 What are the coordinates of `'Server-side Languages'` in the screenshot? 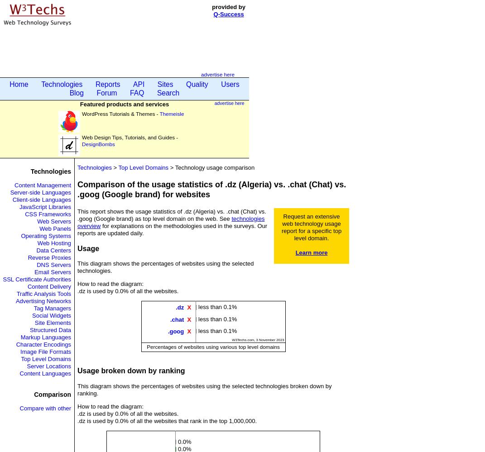 It's located at (40, 192).